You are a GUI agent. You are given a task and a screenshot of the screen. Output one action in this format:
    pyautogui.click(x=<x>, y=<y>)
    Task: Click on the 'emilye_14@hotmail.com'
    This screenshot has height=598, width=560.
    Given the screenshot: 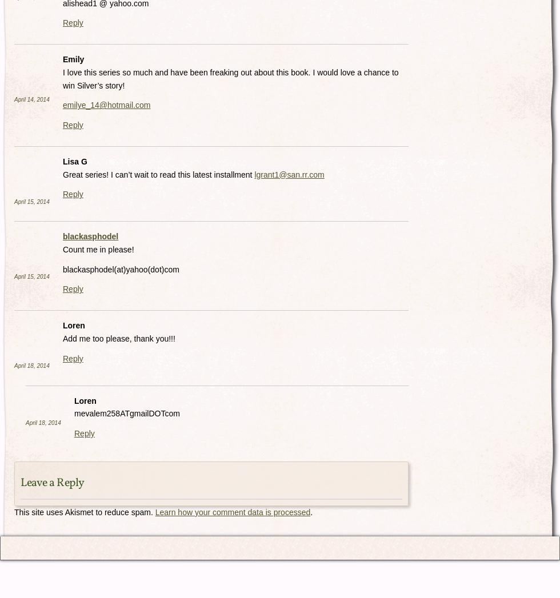 What is the action you would take?
    pyautogui.click(x=106, y=105)
    